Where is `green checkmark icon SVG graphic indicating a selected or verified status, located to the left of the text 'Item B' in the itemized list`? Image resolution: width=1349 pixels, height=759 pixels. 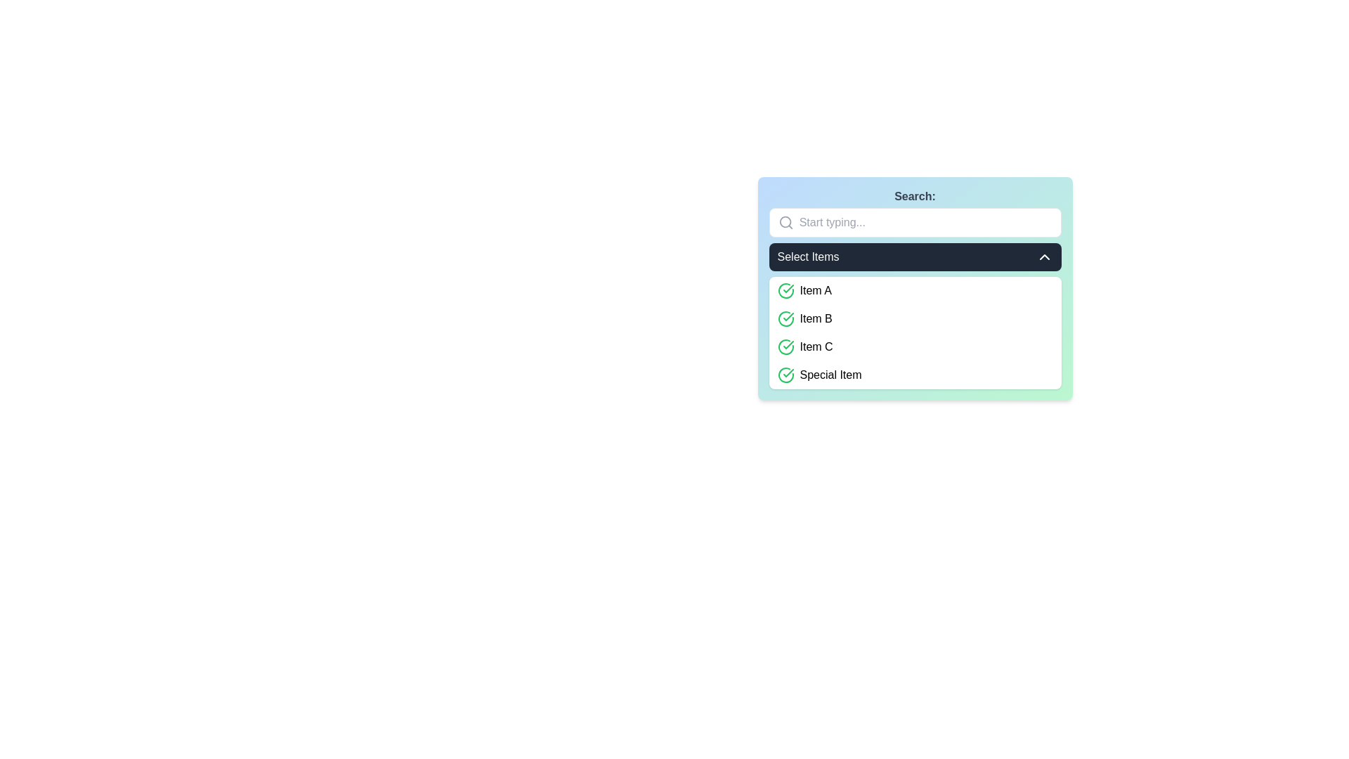 green checkmark icon SVG graphic indicating a selected or verified status, located to the left of the text 'Item B' in the itemized list is located at coordinates (788, 288).